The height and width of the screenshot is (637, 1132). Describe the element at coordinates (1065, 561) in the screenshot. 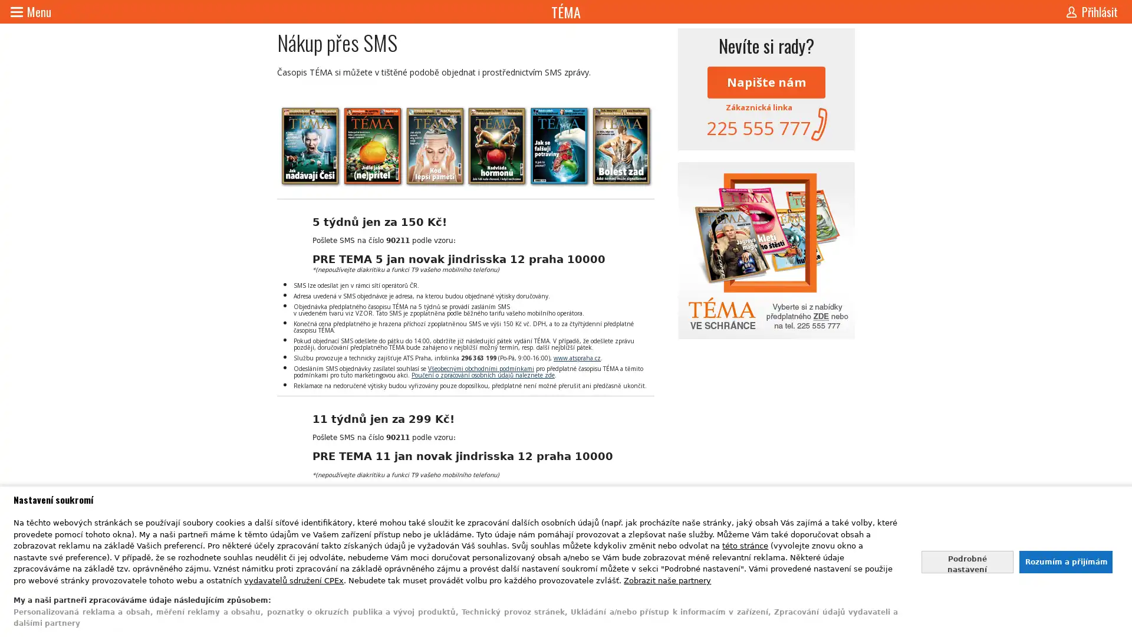

I see `Souhlasit s nasim zpracovanim udaju a zavrit` at that location.